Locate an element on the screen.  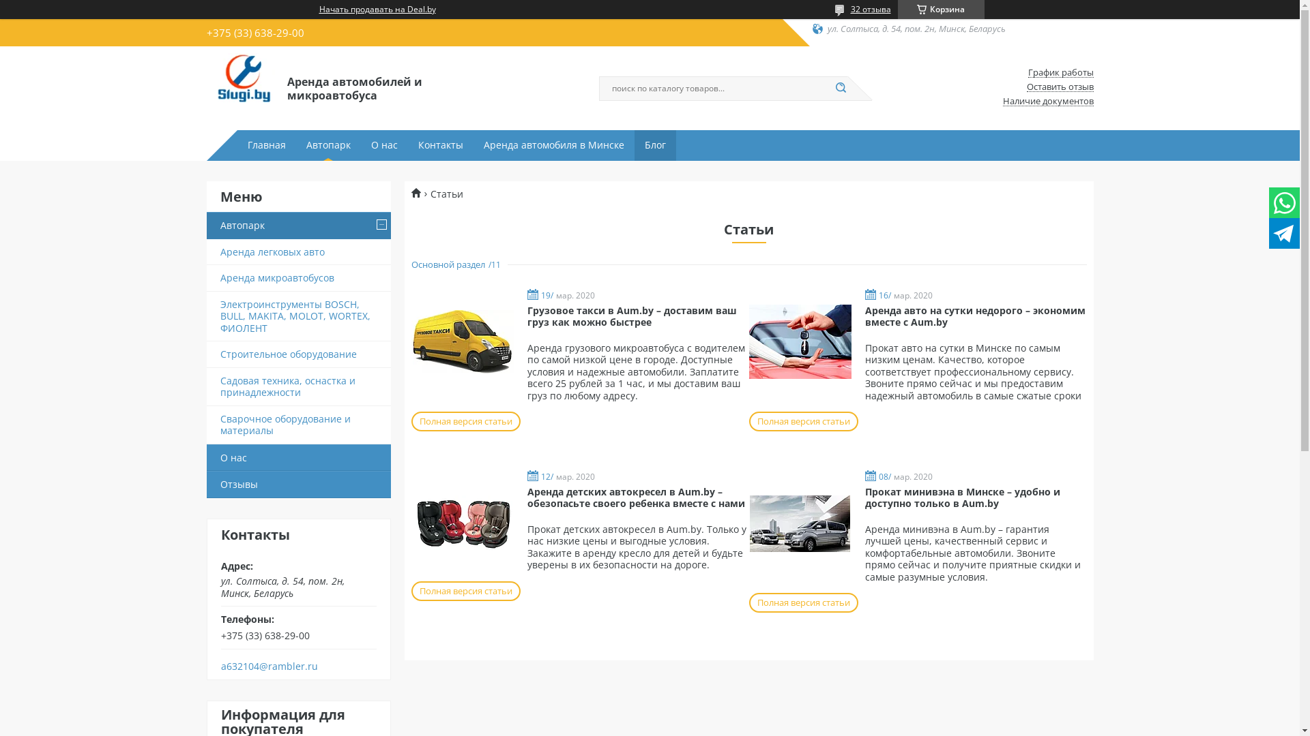
'a632104@rambler.ru' is located at coordinates (269, 666).